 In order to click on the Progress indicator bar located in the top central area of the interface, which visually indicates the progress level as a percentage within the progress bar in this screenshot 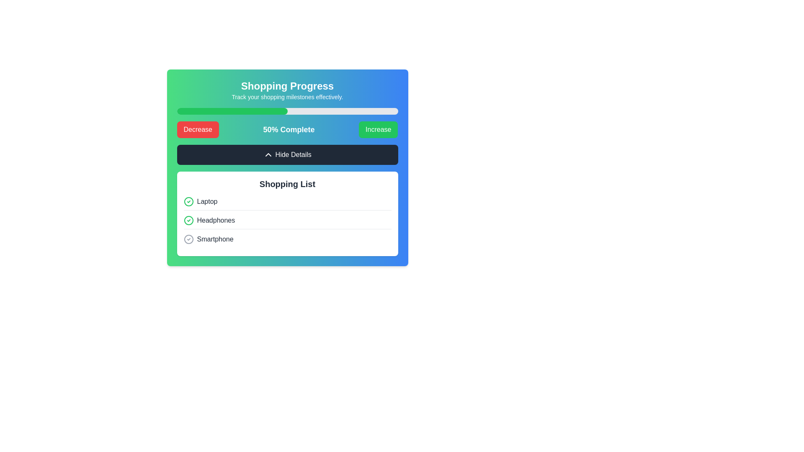, I will do `click(232, 111)`.